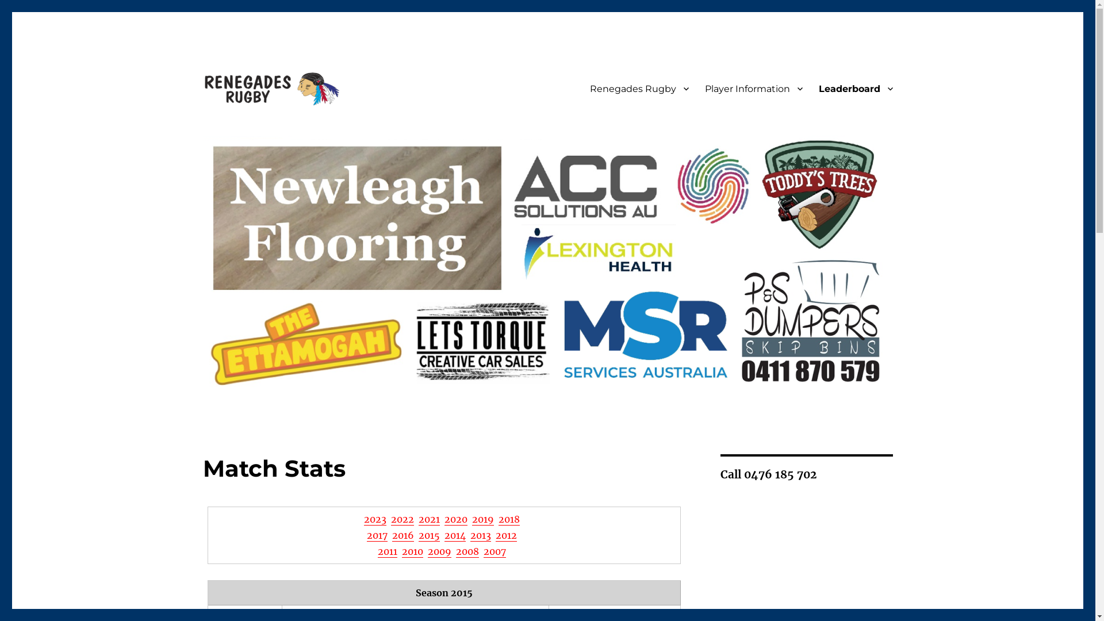 The image size is (1104, 621). Describe the element at coordinates (387, 551) in the screenshot. I see `'2011'` at that location.